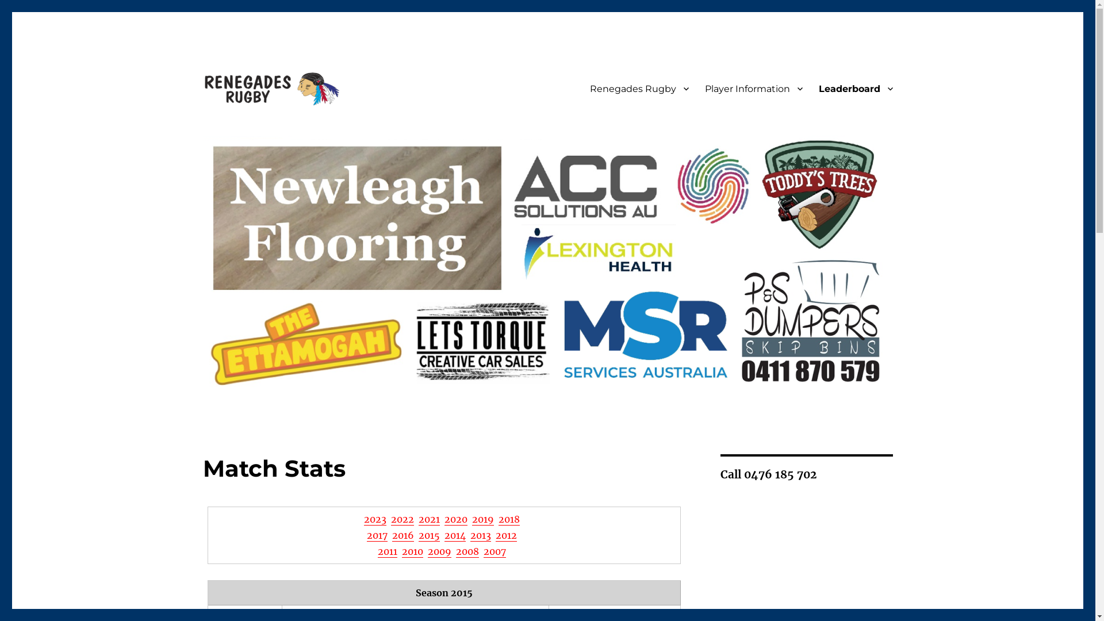 The image size is (1104, 621). Describe the element at coordinates (387, 551) in the screenshot. I see `'2011'` at that location.